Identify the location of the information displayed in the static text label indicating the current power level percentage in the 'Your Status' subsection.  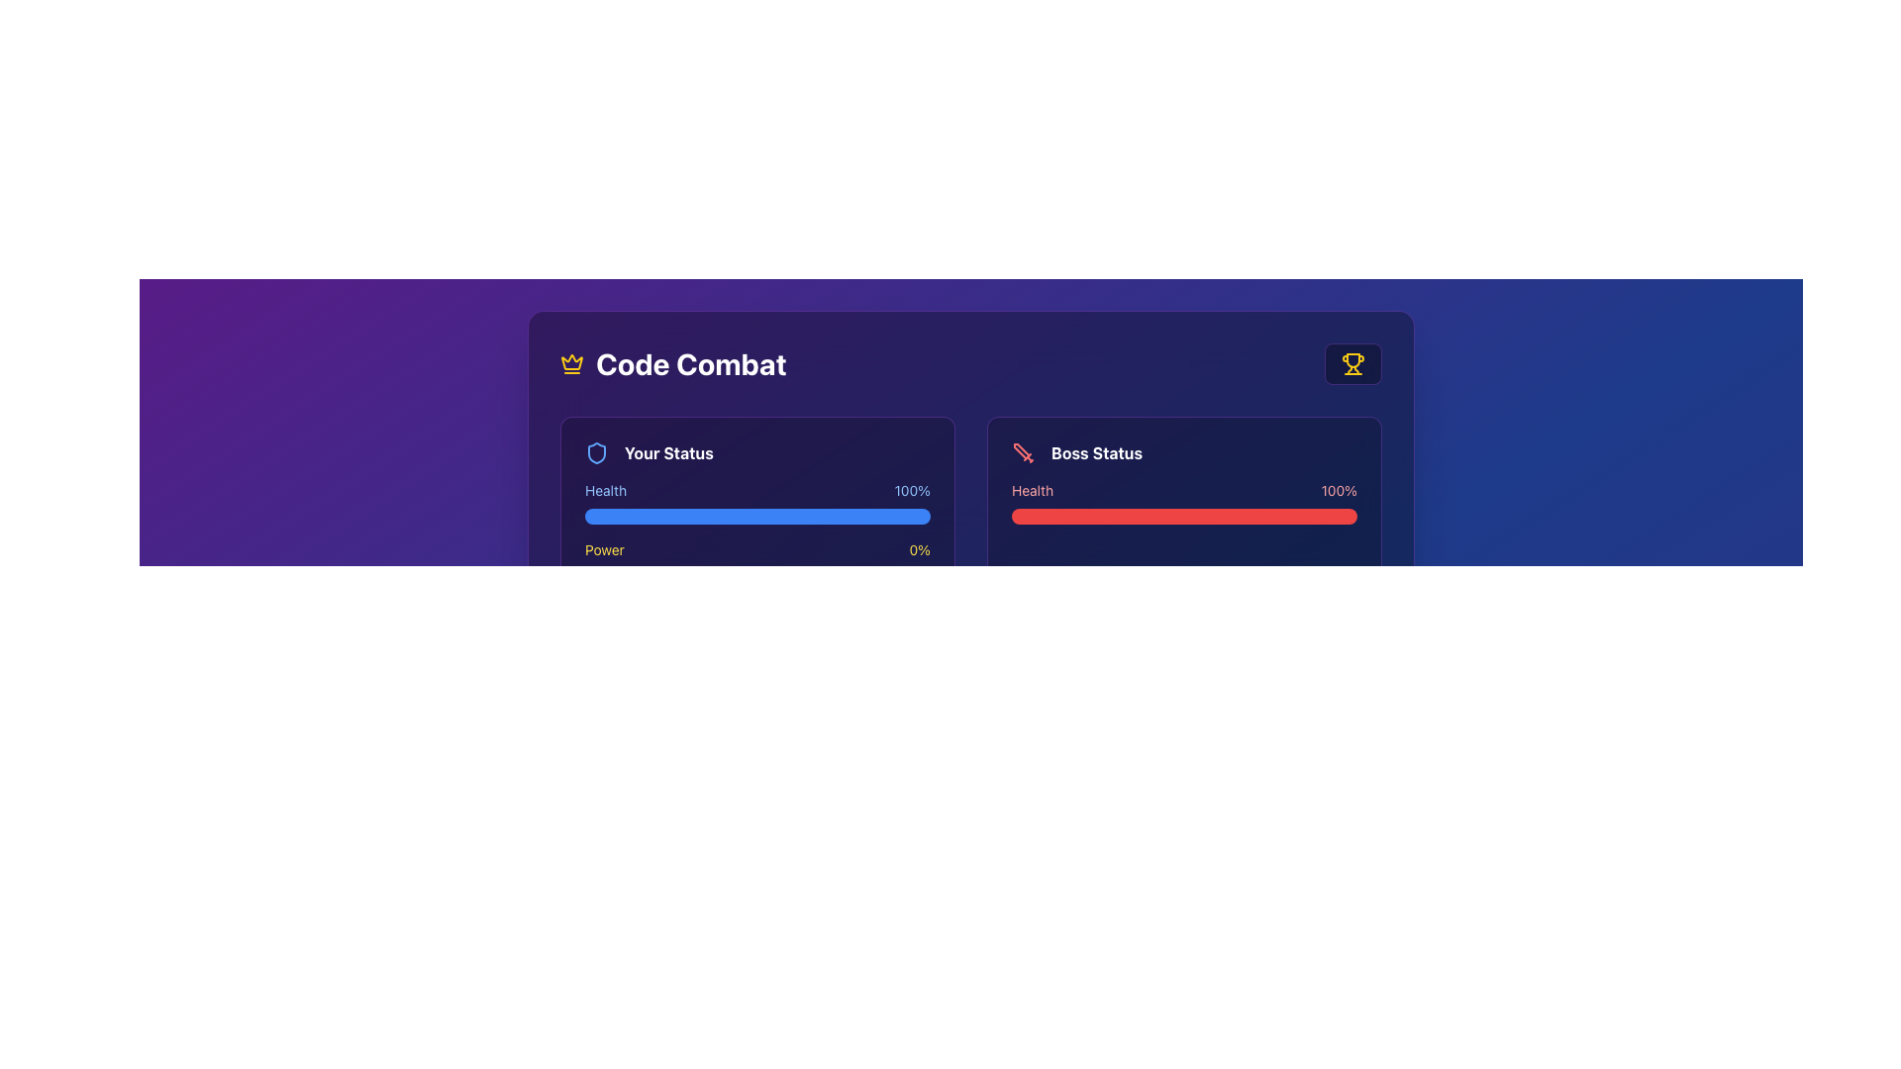
(919, 549).